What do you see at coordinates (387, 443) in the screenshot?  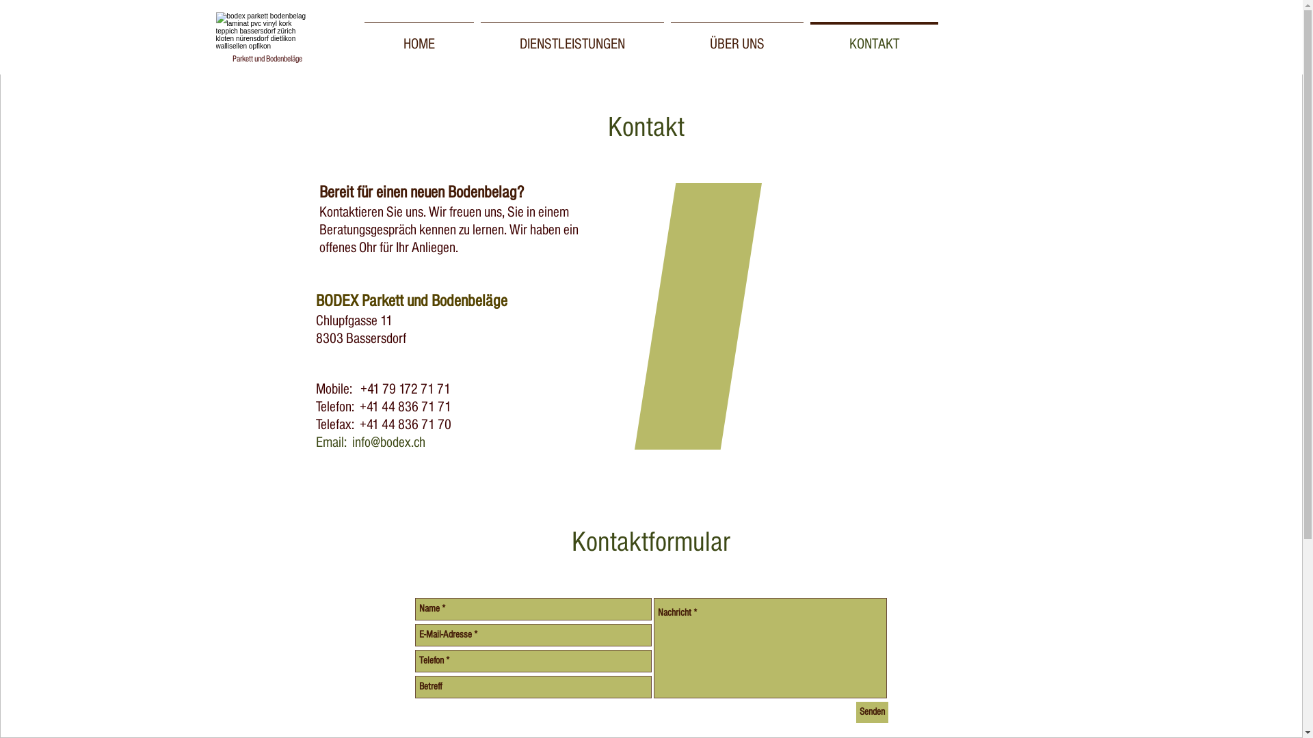 I see `'info@bodex.ch'` at bounding box center [387, 443].